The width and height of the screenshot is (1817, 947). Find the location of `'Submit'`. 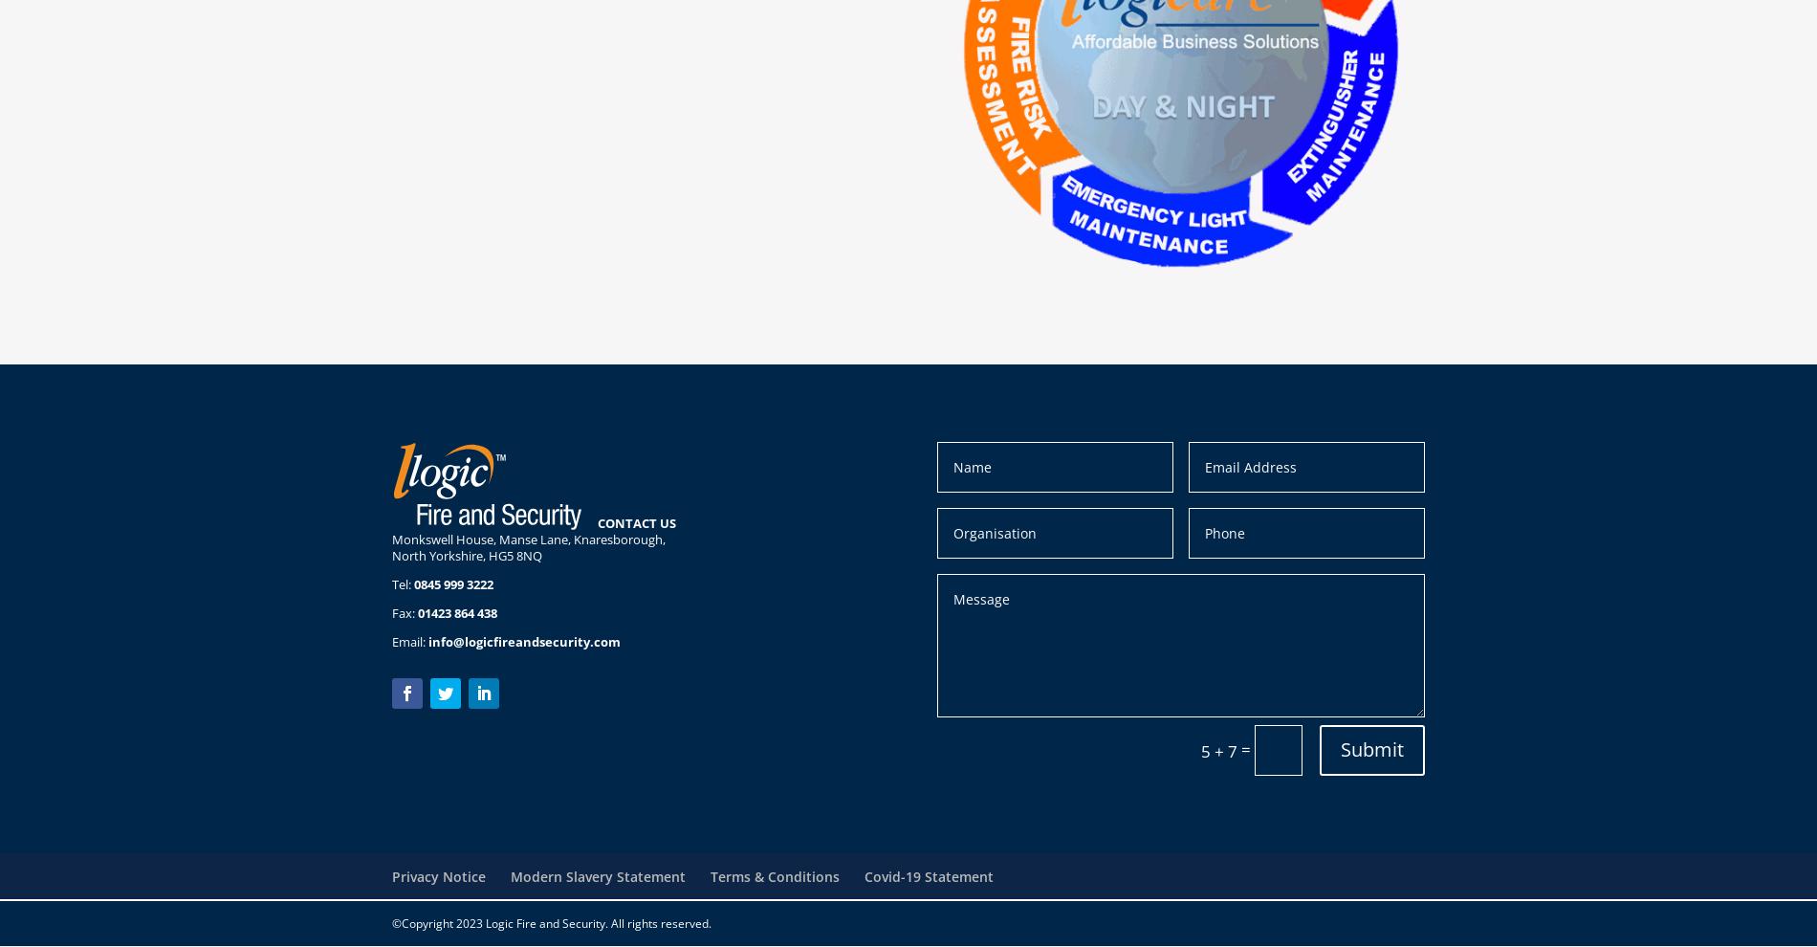

'Submit' is located at coordinates (1370, 749).